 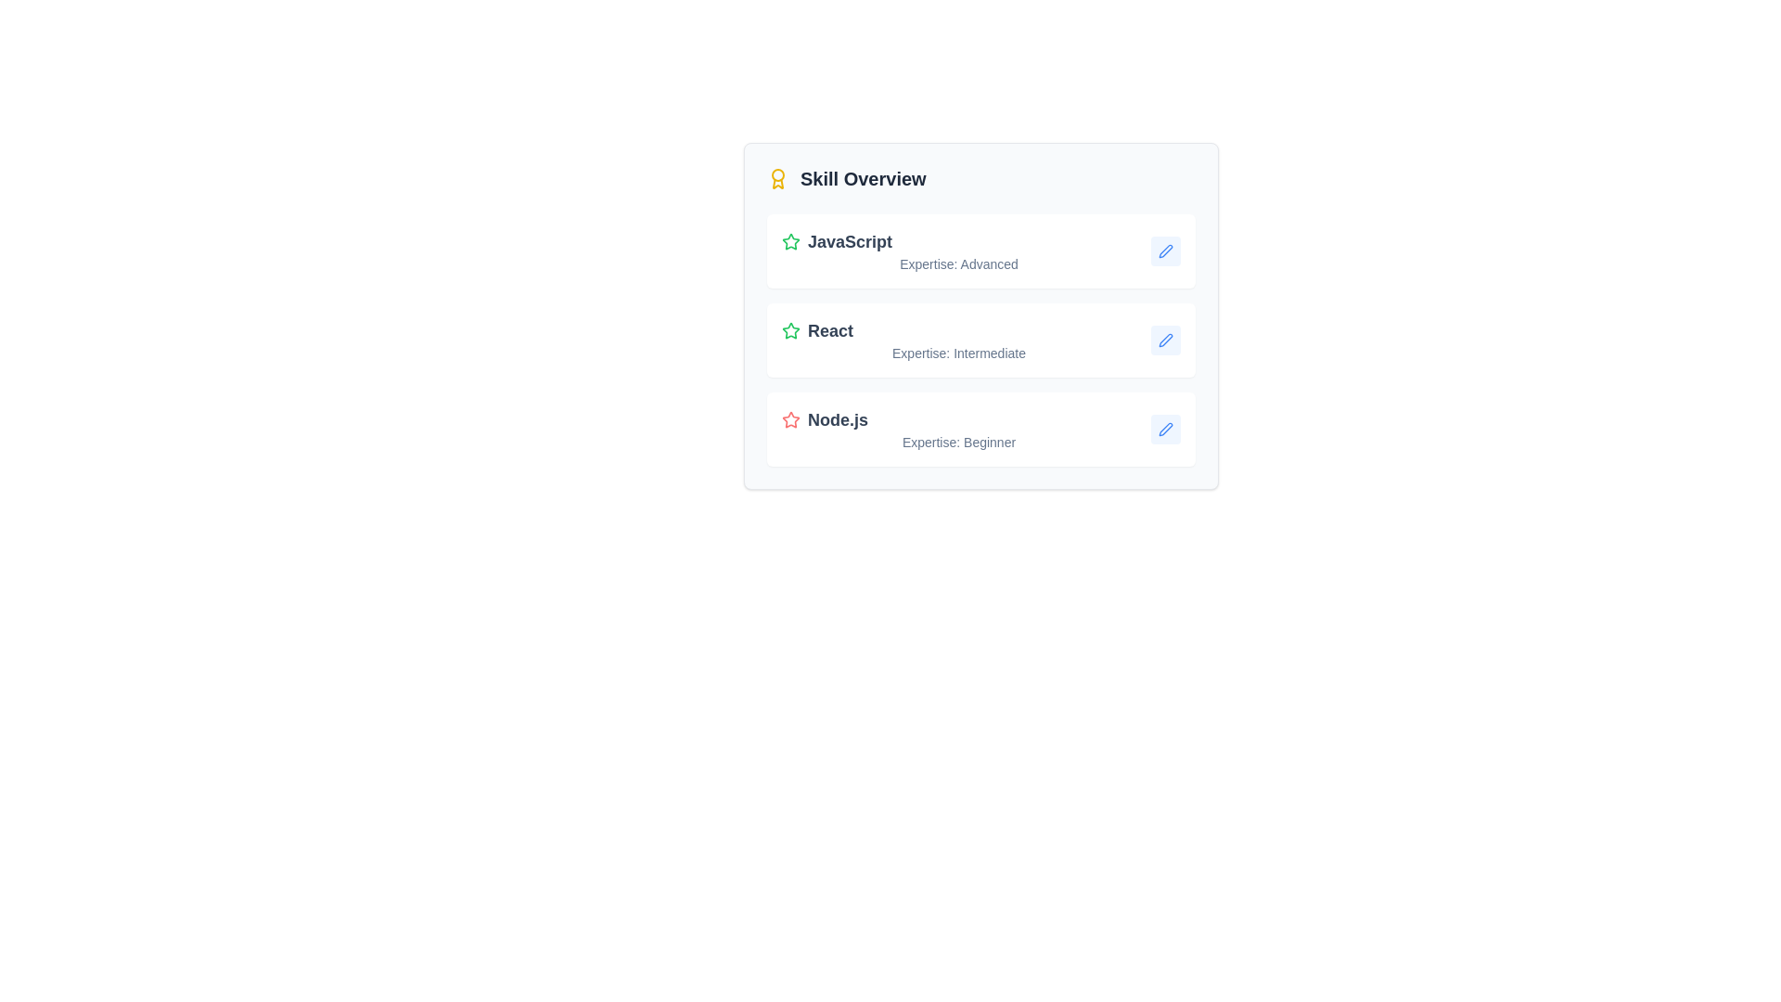 I want to click on the text label that says 'Expertise: Intermediate', which is located beneath the 'React' header in the second skill block of the skill overview card, so click(x=958, y=353).